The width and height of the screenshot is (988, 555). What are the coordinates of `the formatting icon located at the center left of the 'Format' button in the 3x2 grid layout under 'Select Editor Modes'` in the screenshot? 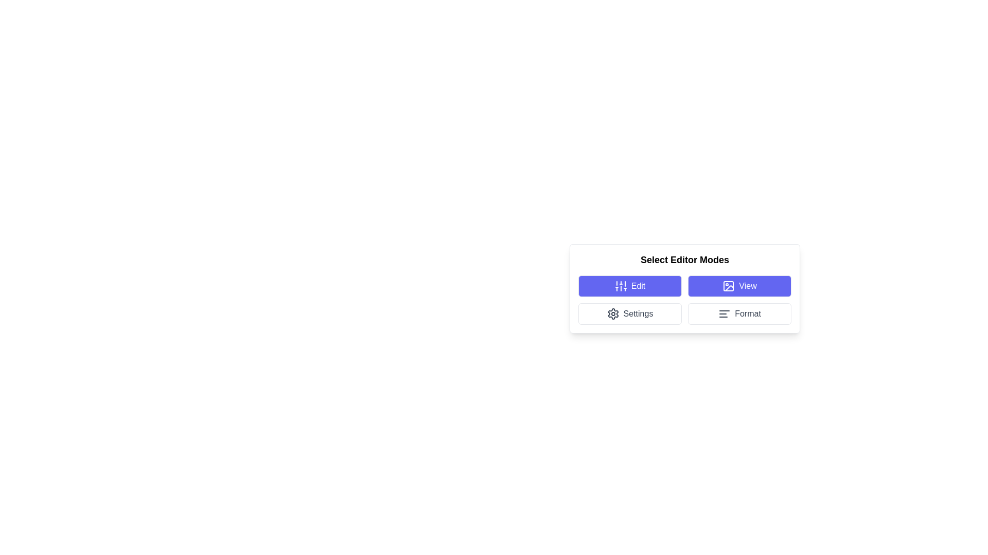 It's located at (724, 313).